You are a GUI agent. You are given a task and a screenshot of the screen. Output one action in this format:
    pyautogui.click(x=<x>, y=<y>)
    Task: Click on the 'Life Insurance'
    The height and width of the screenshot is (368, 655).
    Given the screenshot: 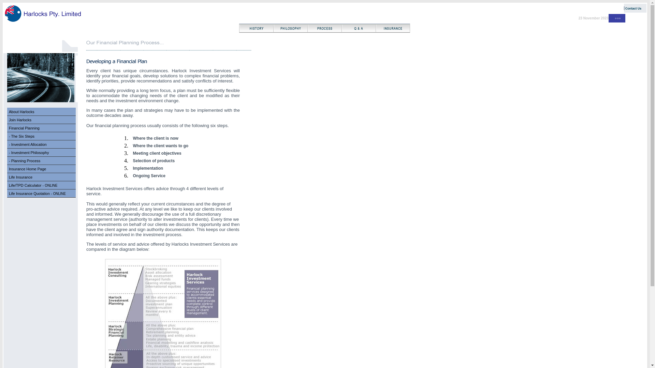 What is the action you would take?
    pyautogui.click(x=41, y=177)
    